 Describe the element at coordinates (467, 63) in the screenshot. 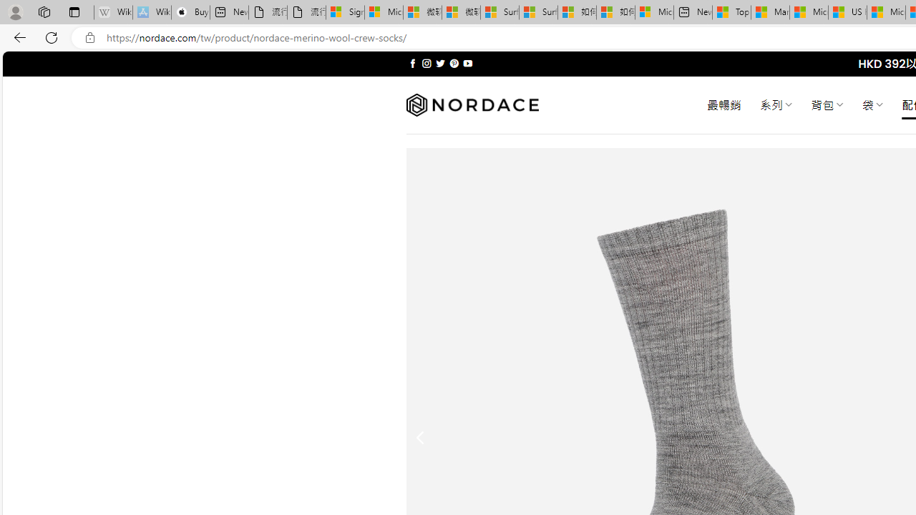

I see `'Follow on YouTube'` at that location.